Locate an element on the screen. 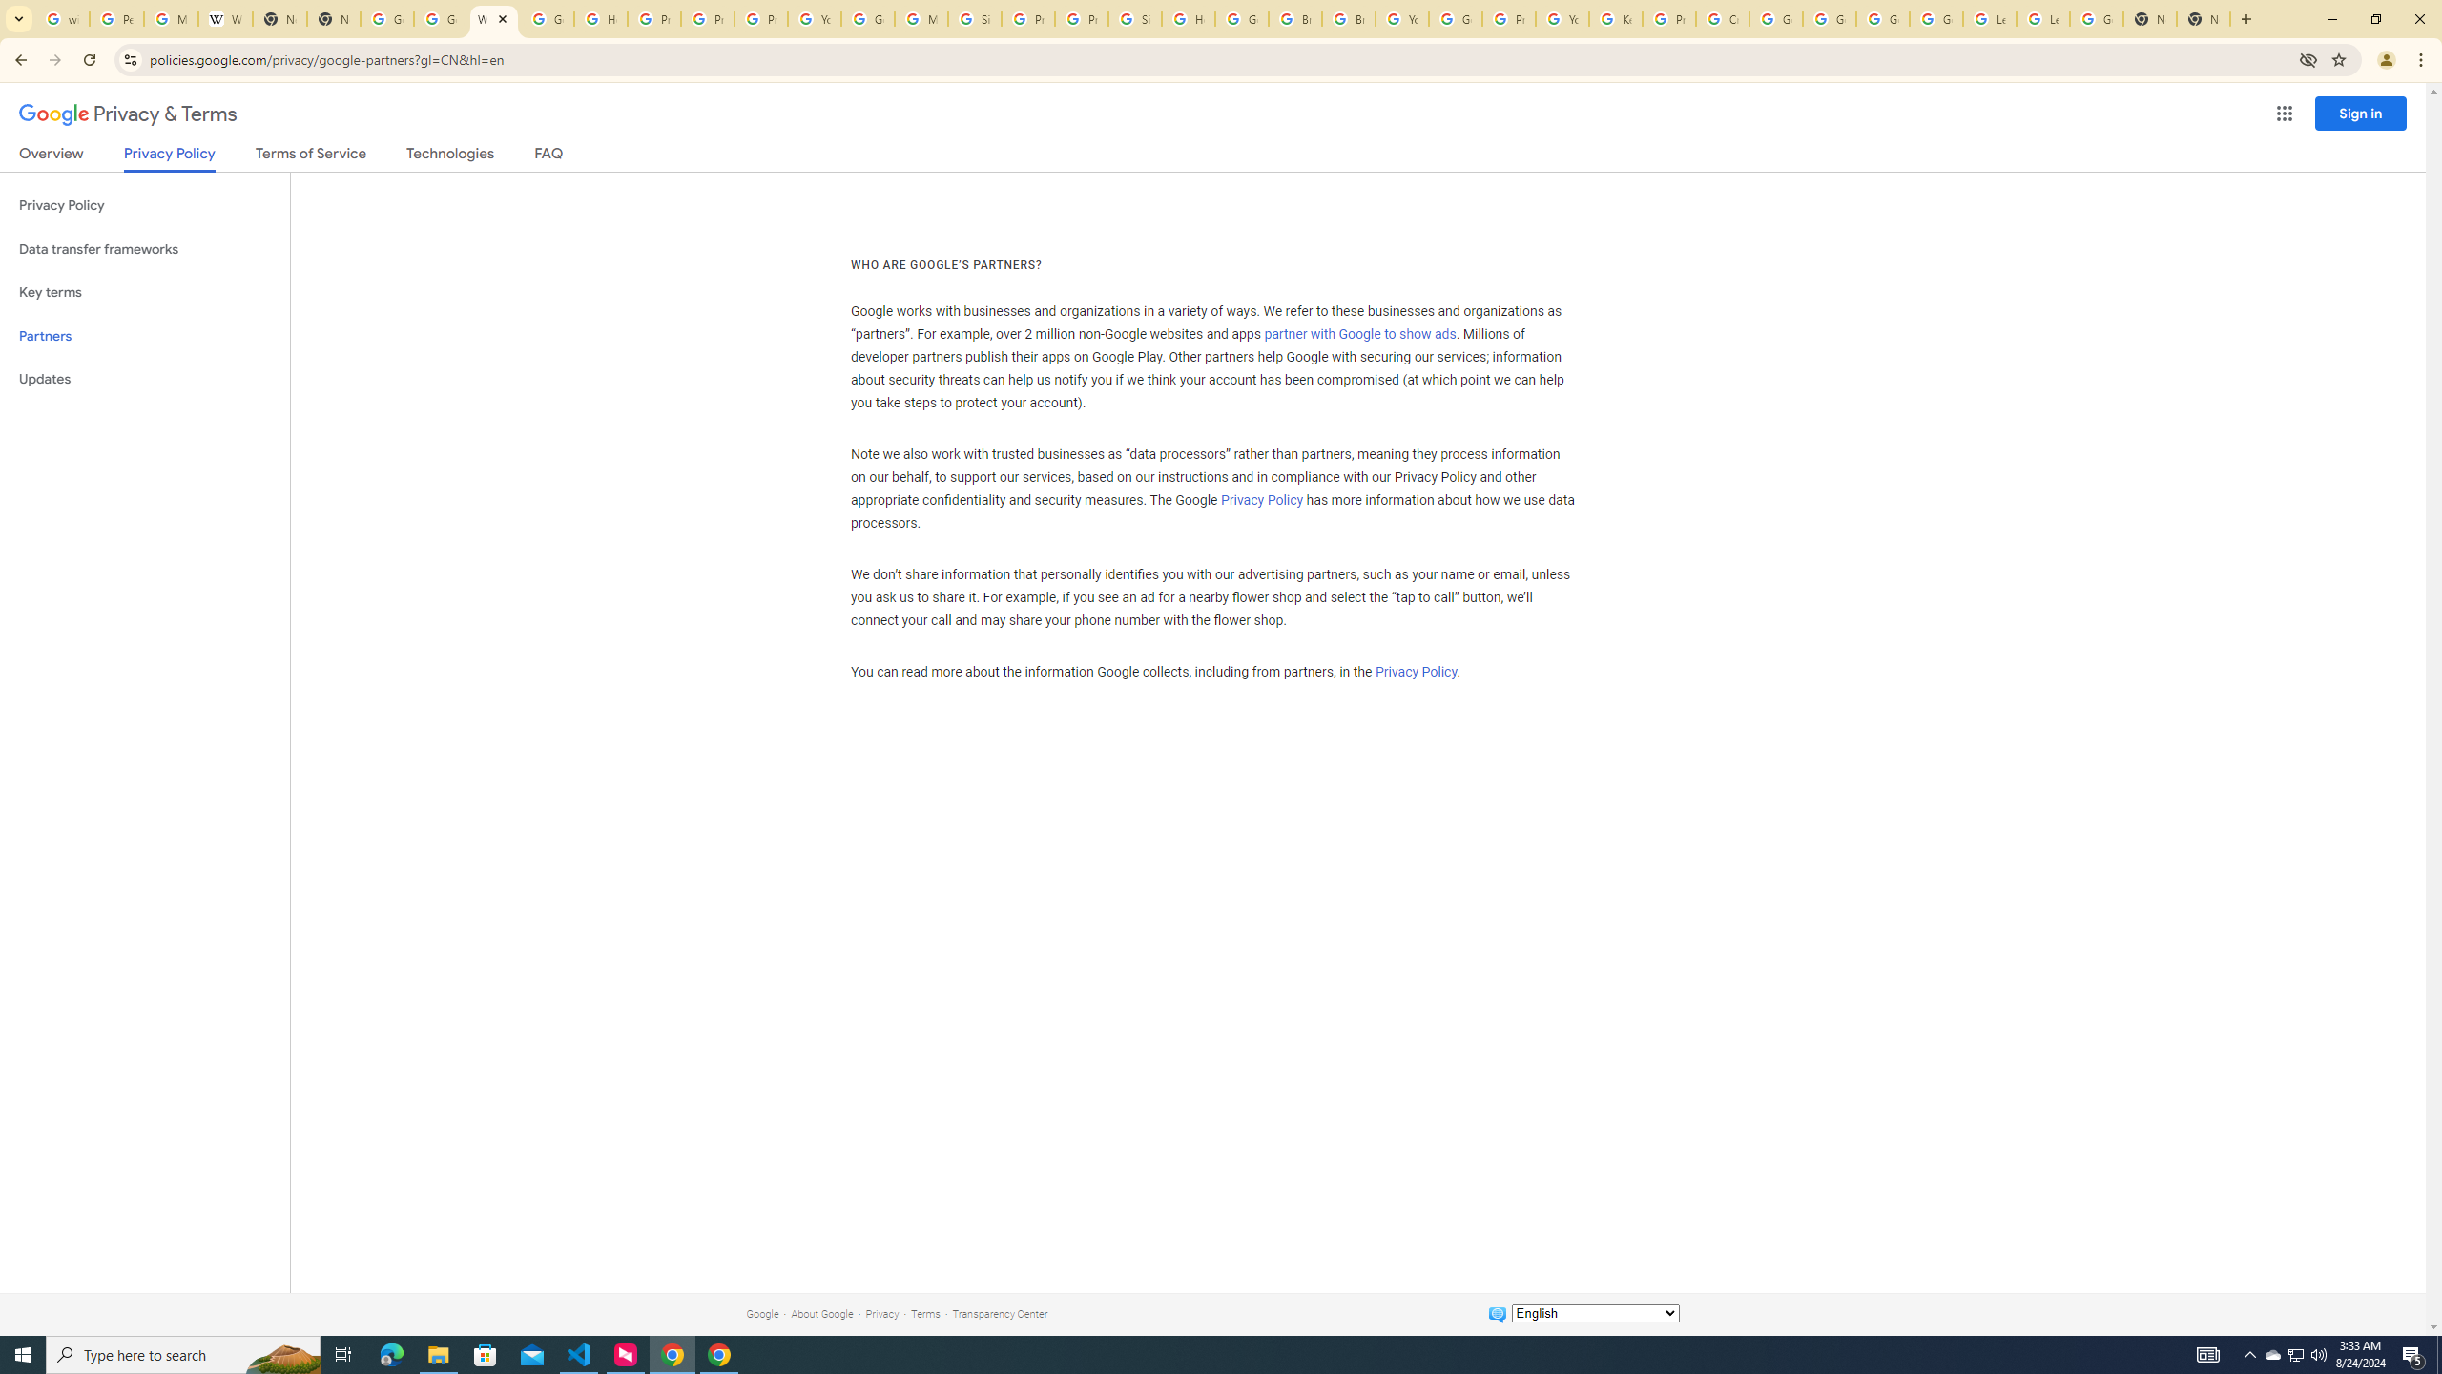 Image resolution: width=2442 pixels, height=1374 pixels. 'Wikipedia:Edit requests - Wikipedia' is located at coordinates (225, 18).